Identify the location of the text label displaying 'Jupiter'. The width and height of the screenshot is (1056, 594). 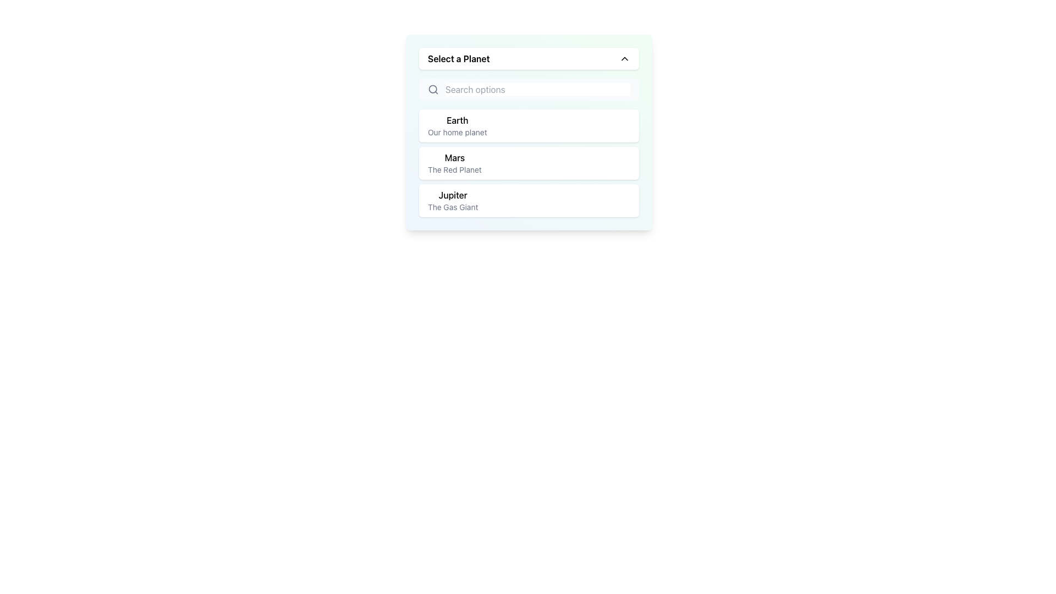
(453, 194).